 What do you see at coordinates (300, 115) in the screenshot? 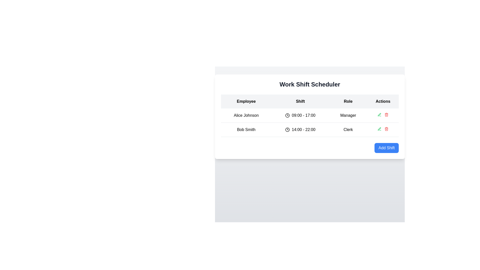
I see `text of the label with the clock icon displaying the shift timing for 'Alice Johnson', which shows '09:00 - 17:00'` at bounding box center [300, 115].